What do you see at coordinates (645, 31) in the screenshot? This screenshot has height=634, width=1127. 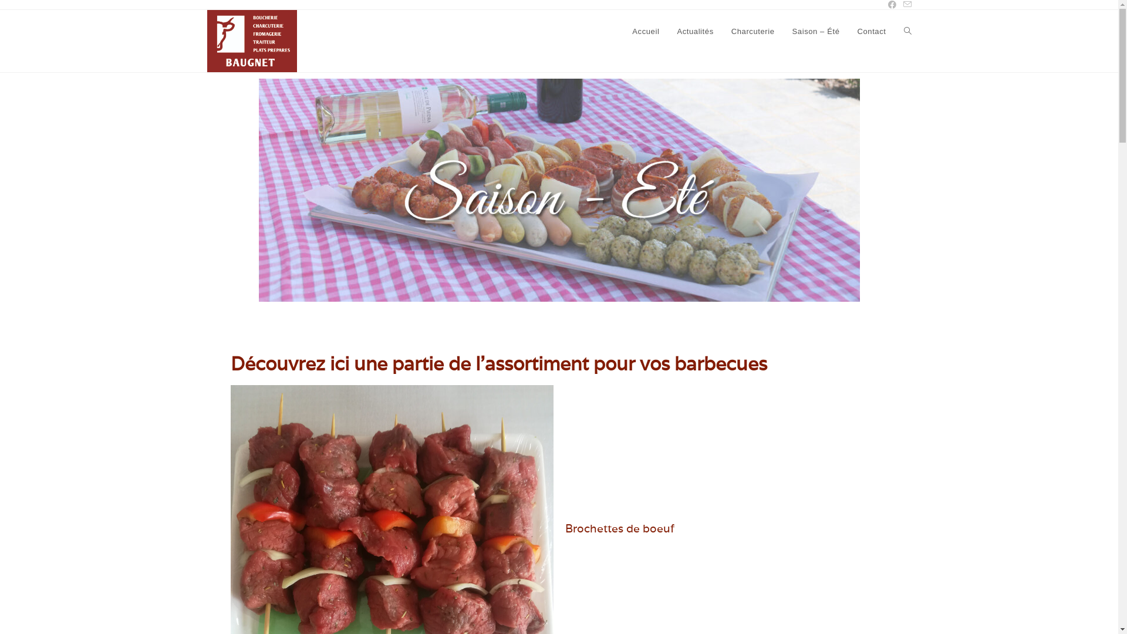 I see `'Accueil'` at bounding box center [645, 31].